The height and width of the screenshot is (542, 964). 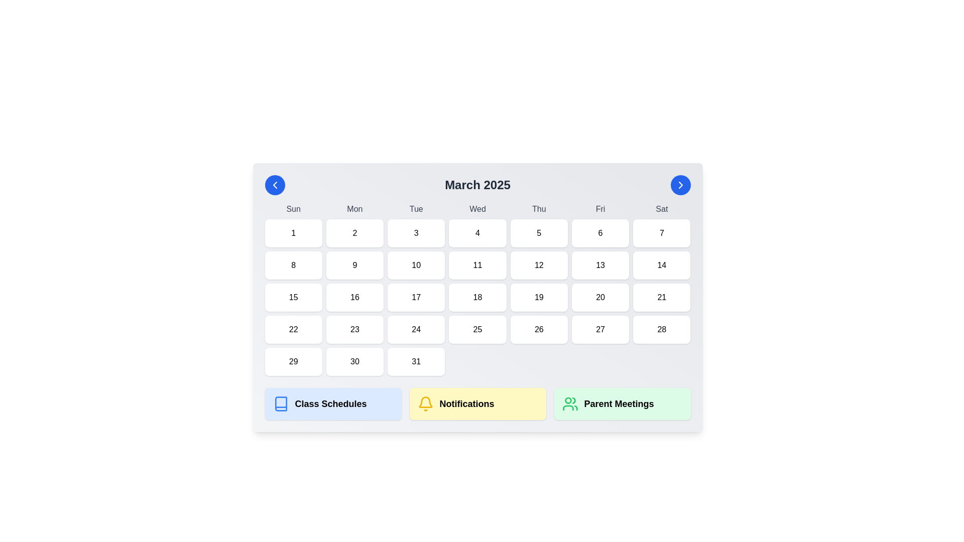 What do you see at coordinates (600, 208) in the screenshot?
I see `the static text label denoting 'Friday' in the calendar display, which is located sixth from the left in the top row of weekday headers` at bounding box center [600, 208].